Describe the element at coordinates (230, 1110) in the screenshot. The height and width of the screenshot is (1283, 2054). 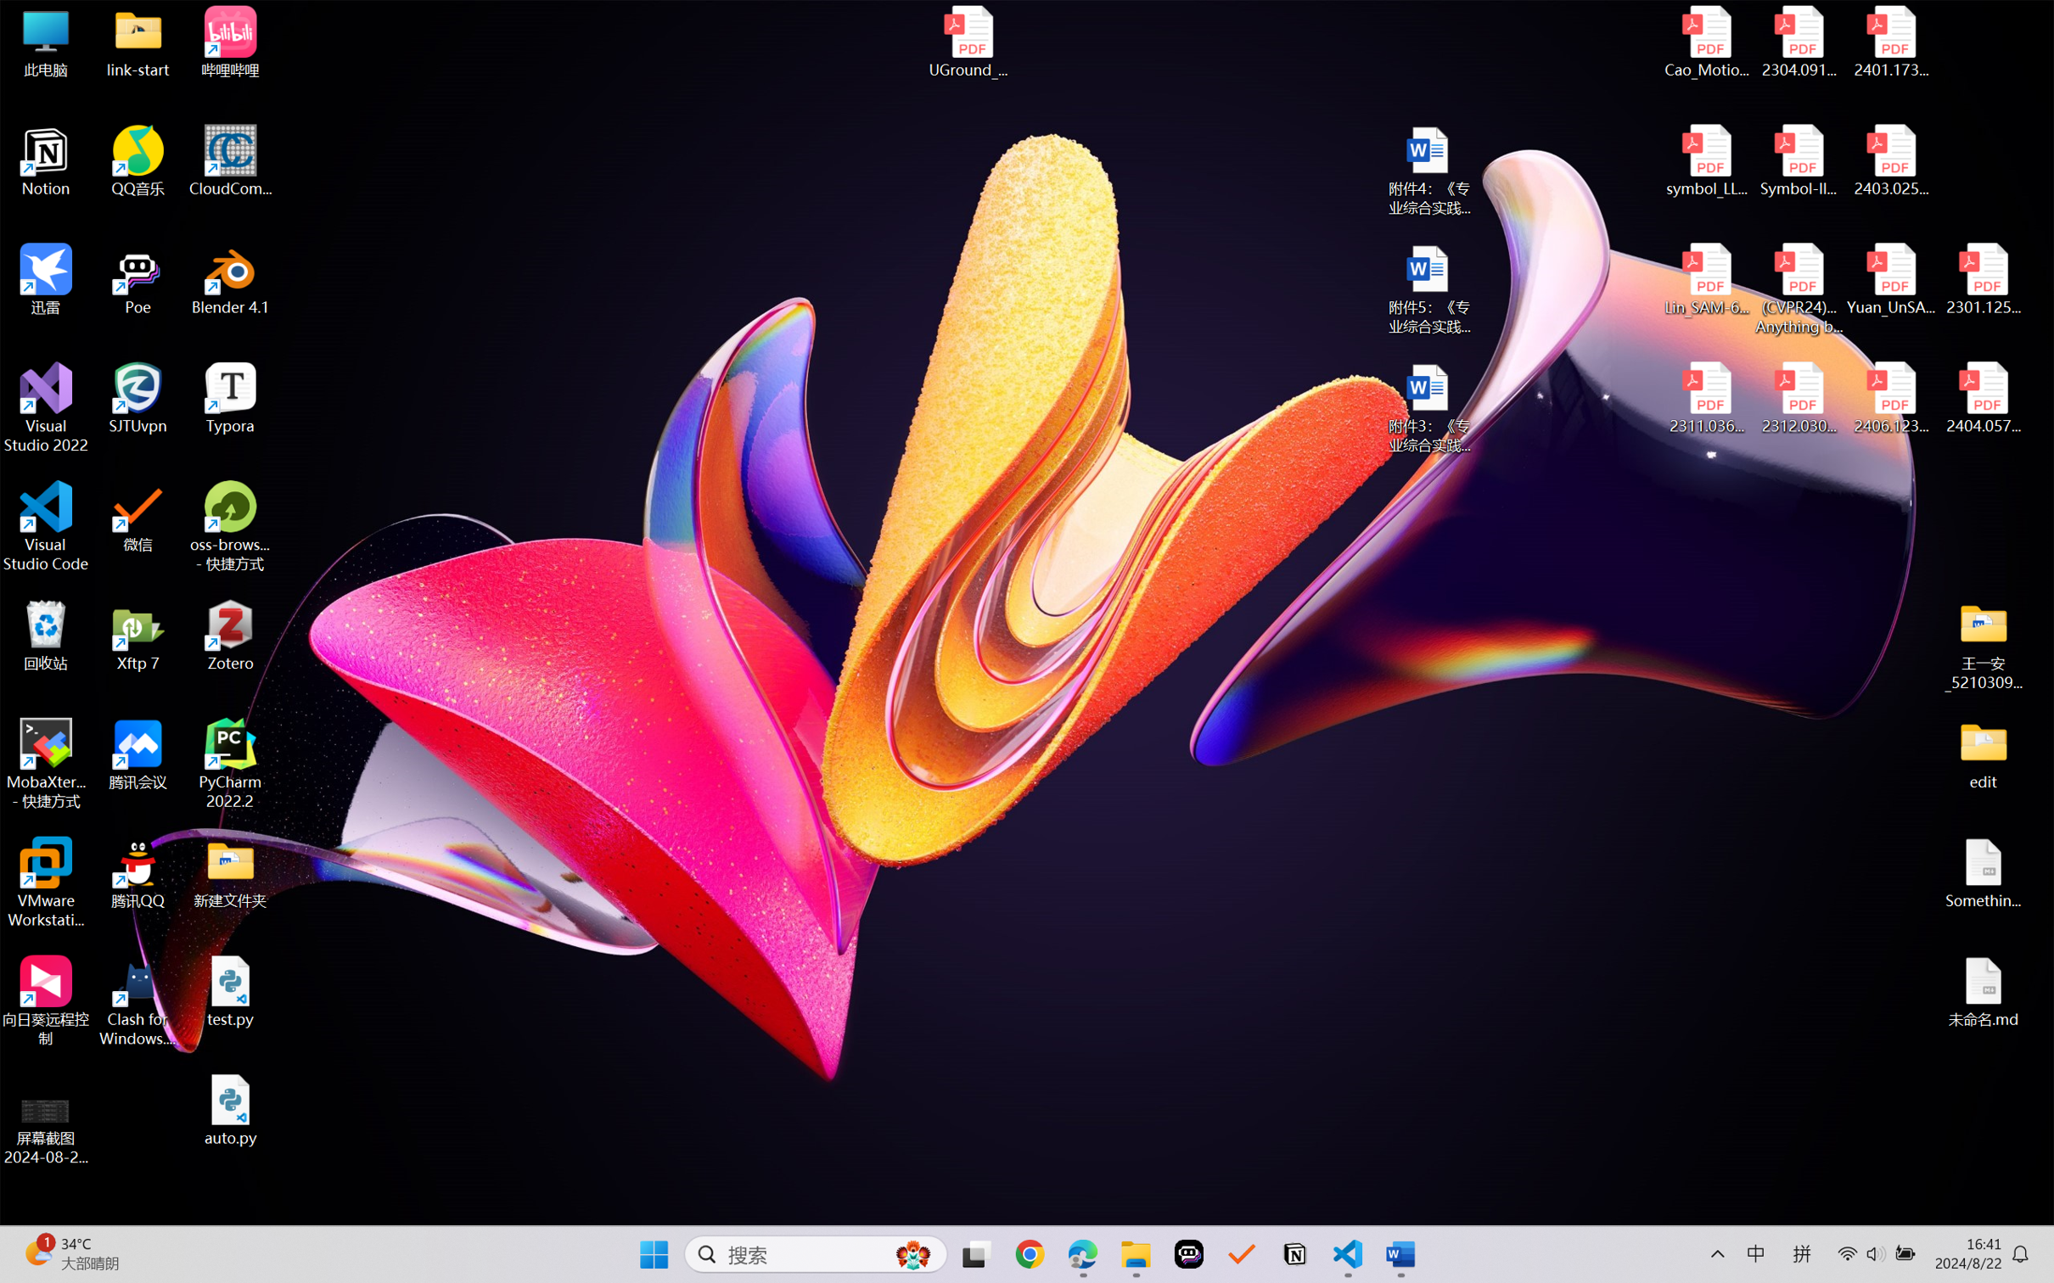
I see `'auto.py'` at that location.